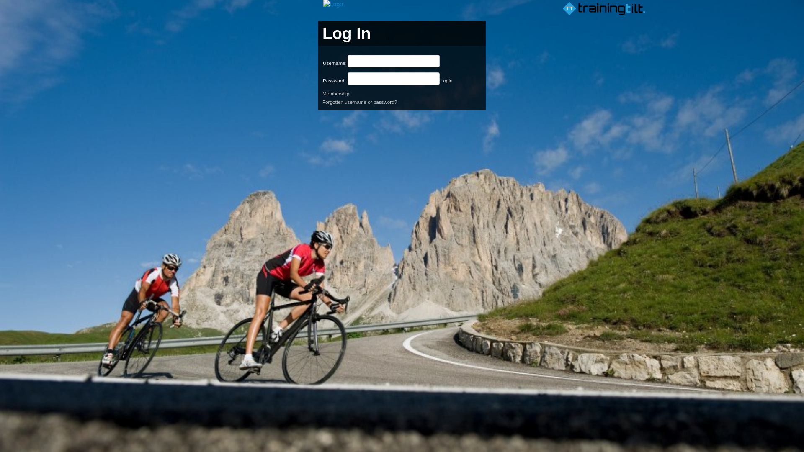 The width and height of the screenshot is (804, 452). I want to click on 'Login', so click(446, 80).